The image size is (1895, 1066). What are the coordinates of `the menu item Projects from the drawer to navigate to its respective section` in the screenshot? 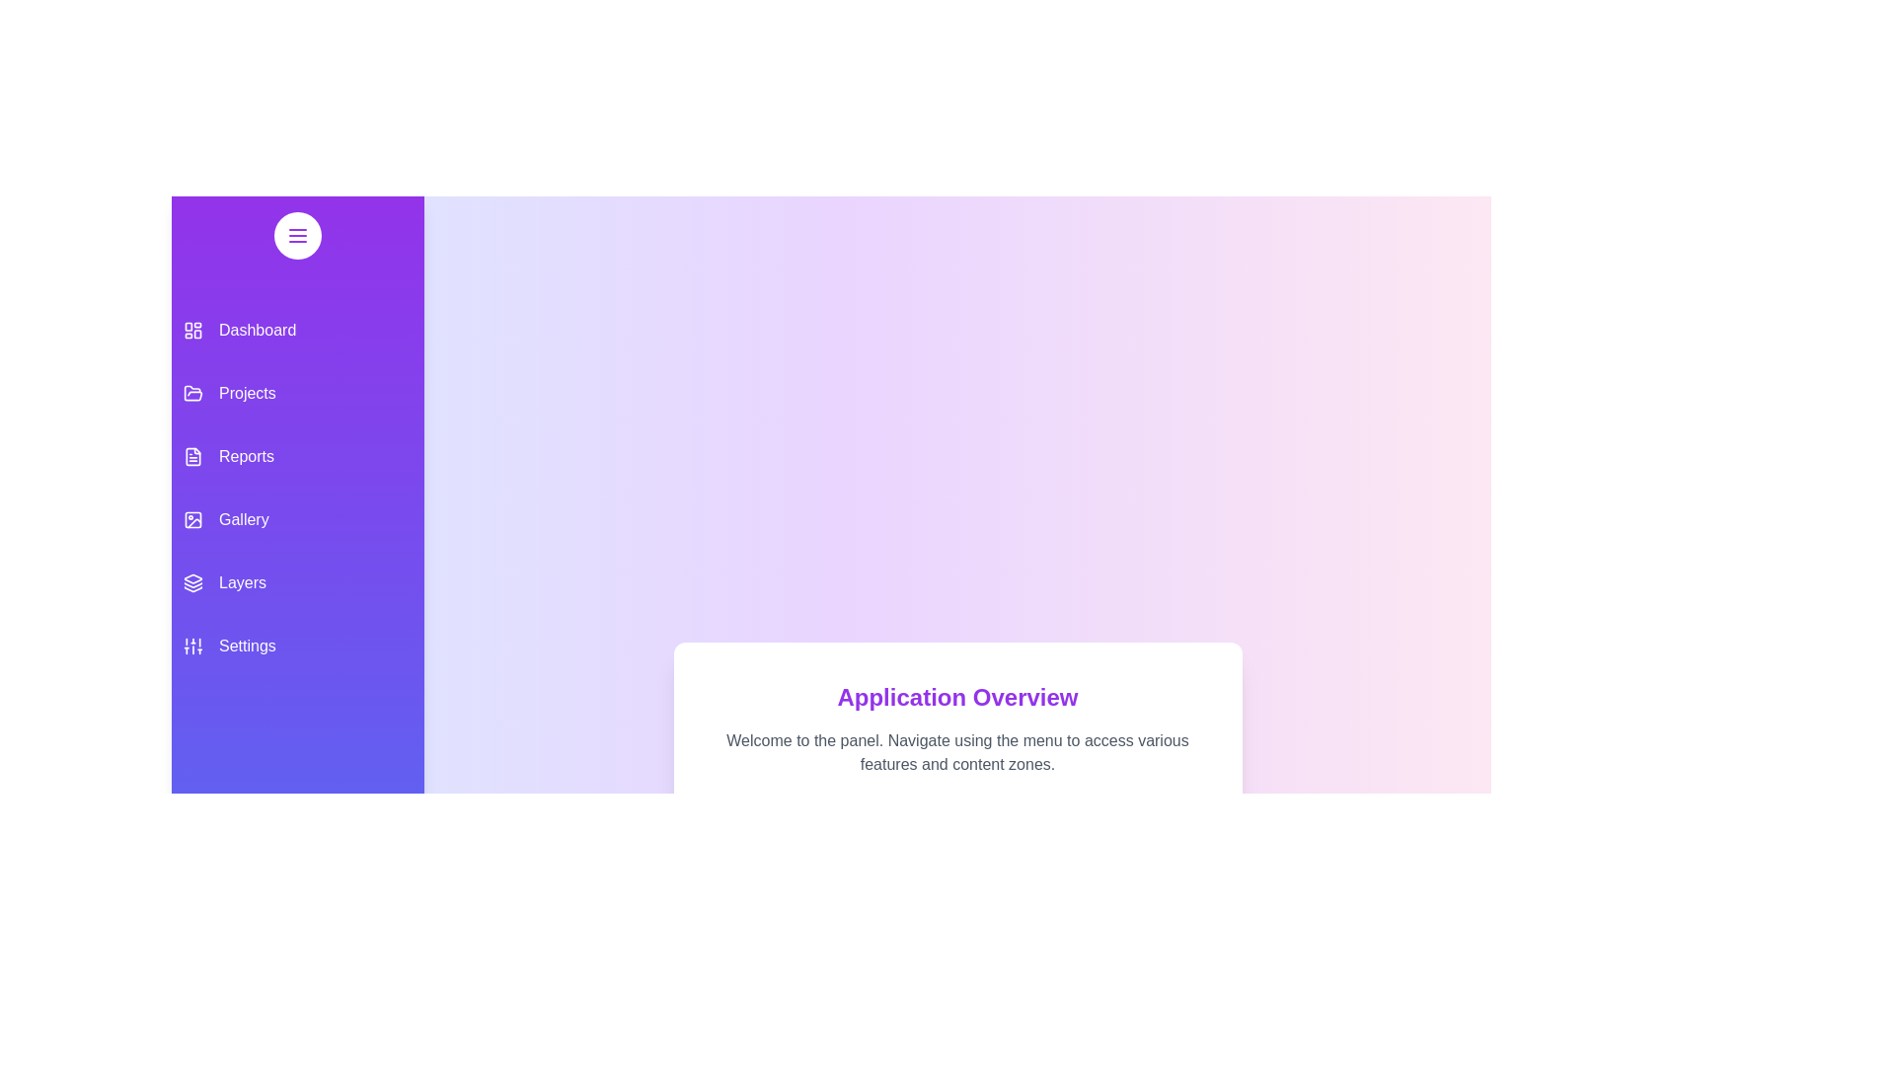 It's located at (297, 393).